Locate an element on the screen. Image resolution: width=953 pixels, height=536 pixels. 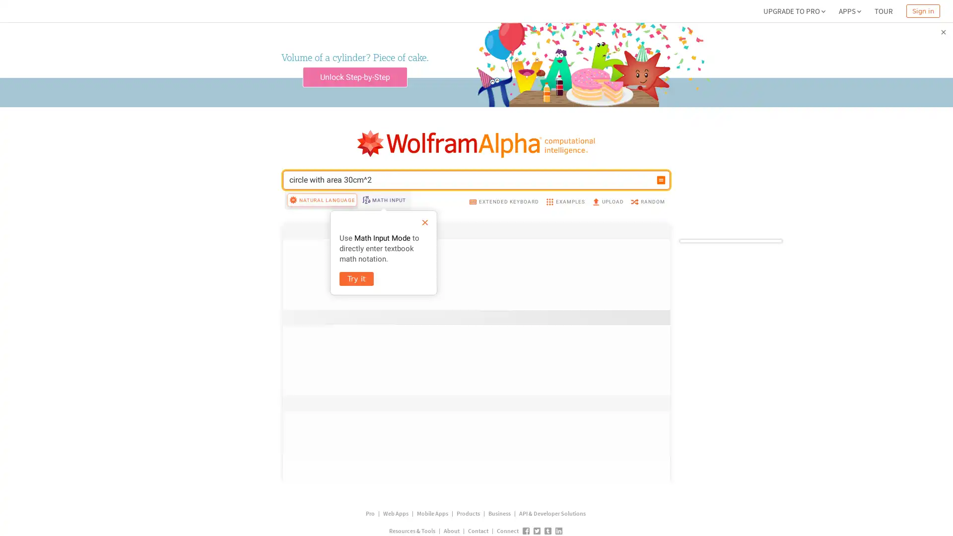
Step-by-step solution is located at coordinates (620, 454).